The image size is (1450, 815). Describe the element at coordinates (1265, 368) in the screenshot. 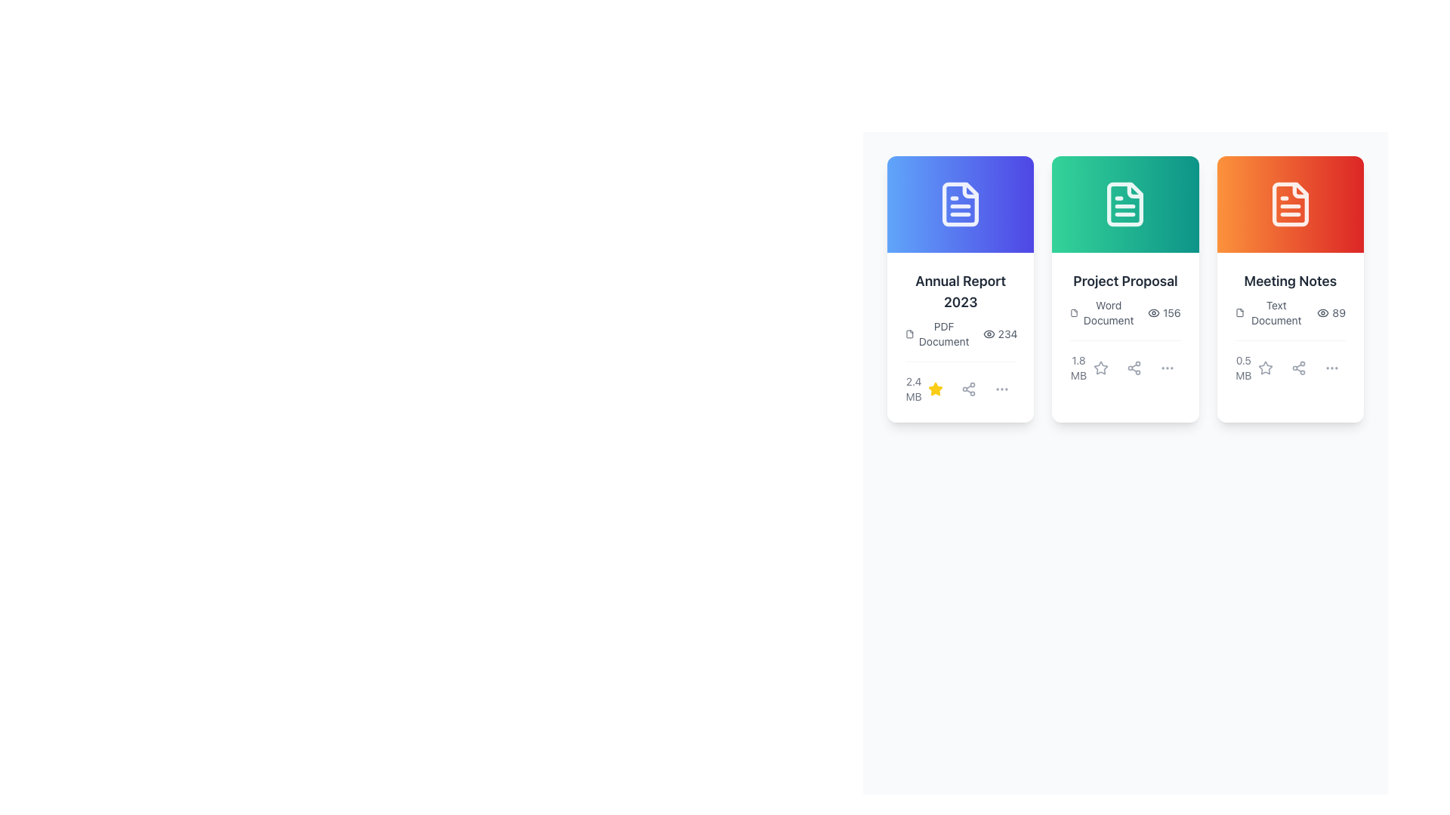

I see `the star icon outlined in gray located in the bottom section of the third card below the text 'Meeting Notes' to mark the item as favorite` at that location.